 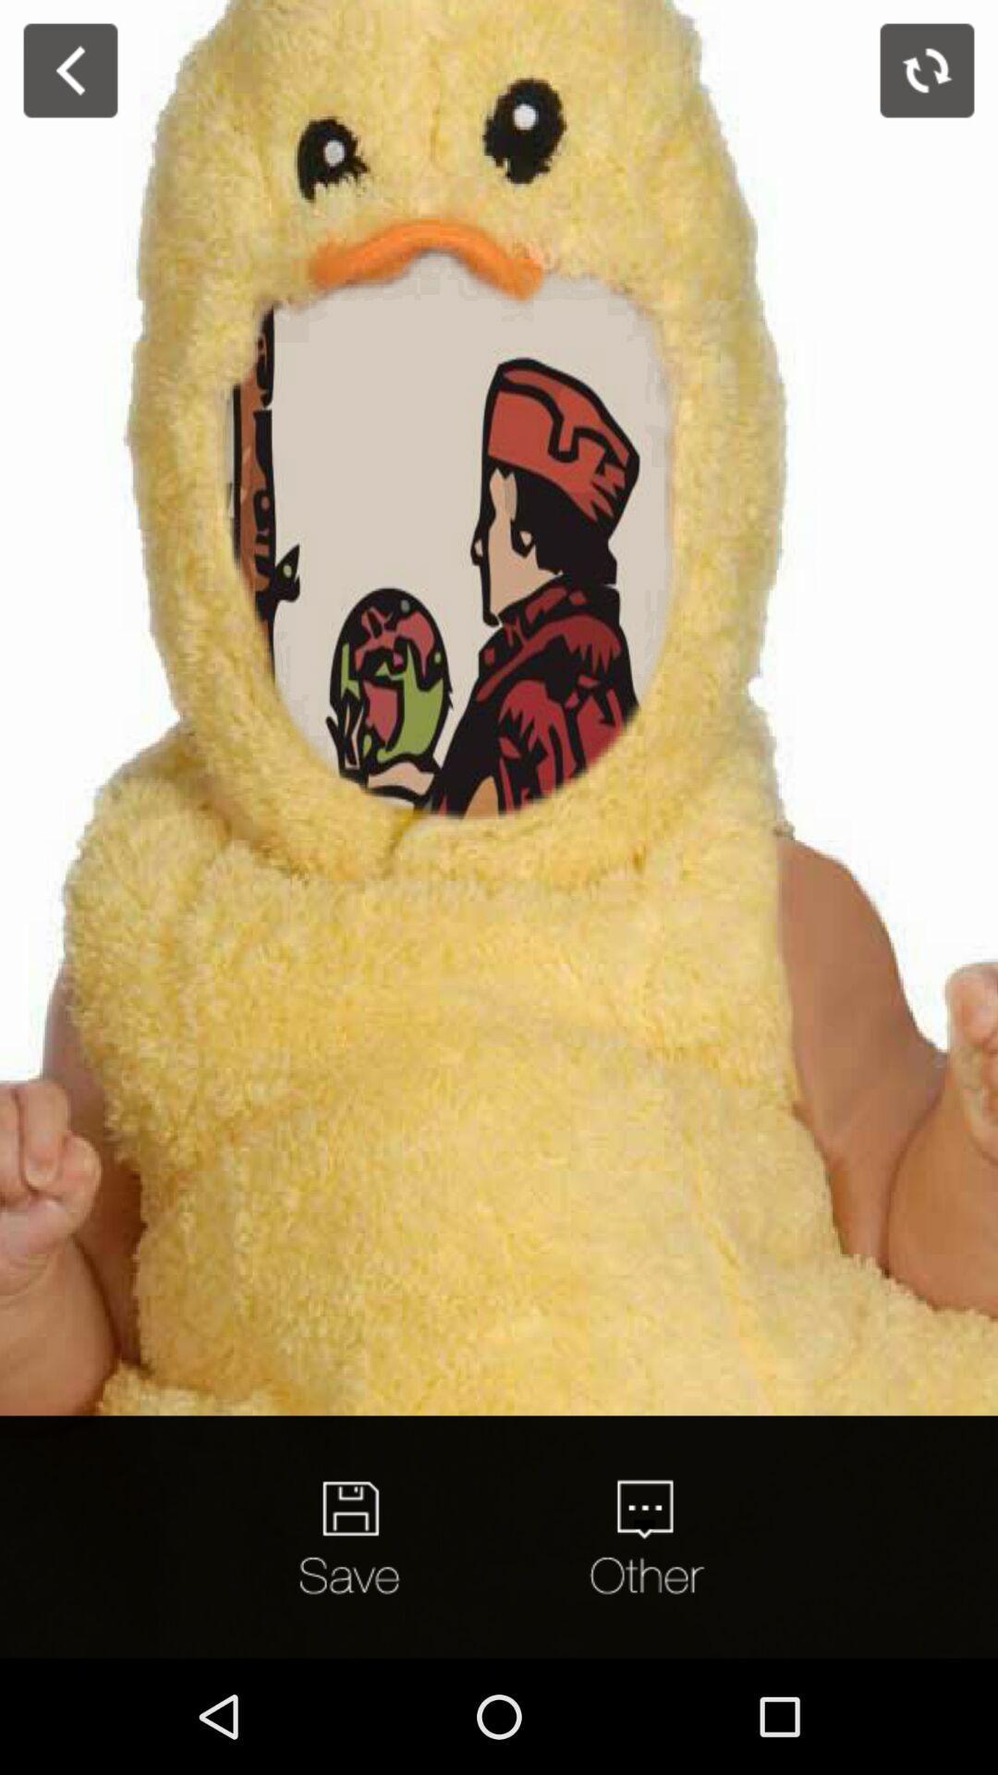 What do you see at coordinates (353, 1536) in the screenshot?
I see `picture` at bounding box center [353, 1536].